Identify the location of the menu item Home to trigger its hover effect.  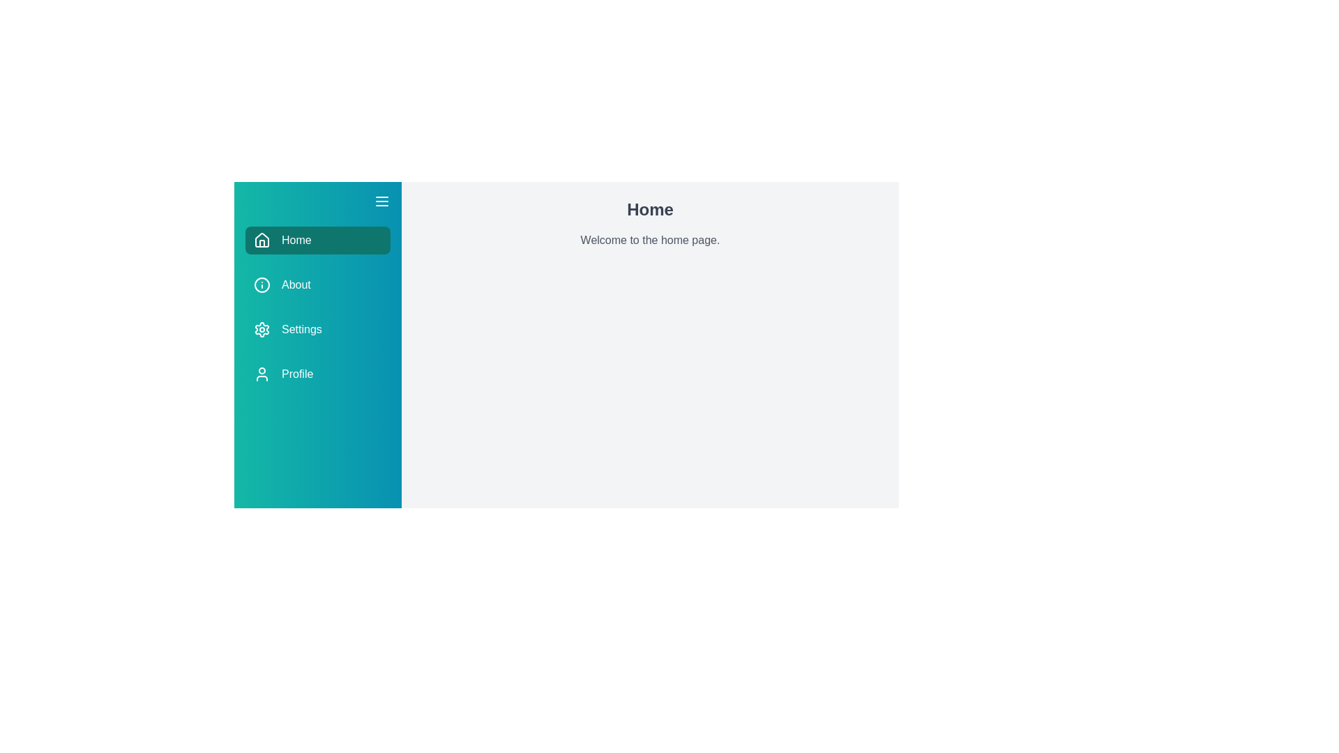
(317, 239).